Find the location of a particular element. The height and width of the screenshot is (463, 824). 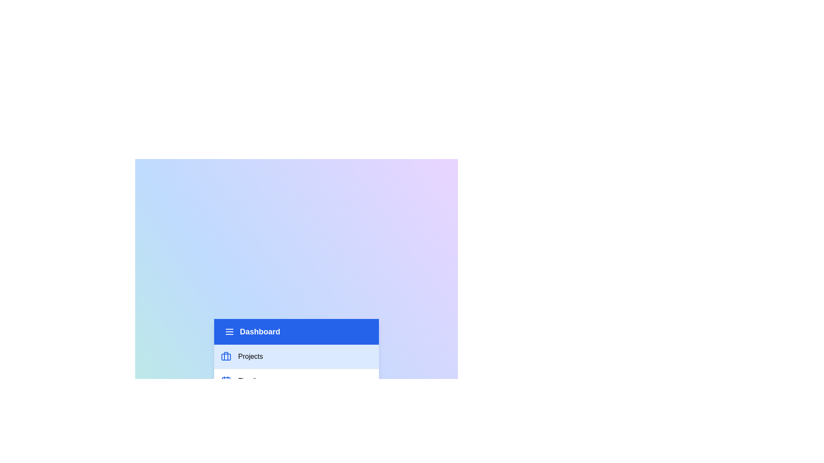

the header menu icon to interact with it is located at coordinates (229, 331).